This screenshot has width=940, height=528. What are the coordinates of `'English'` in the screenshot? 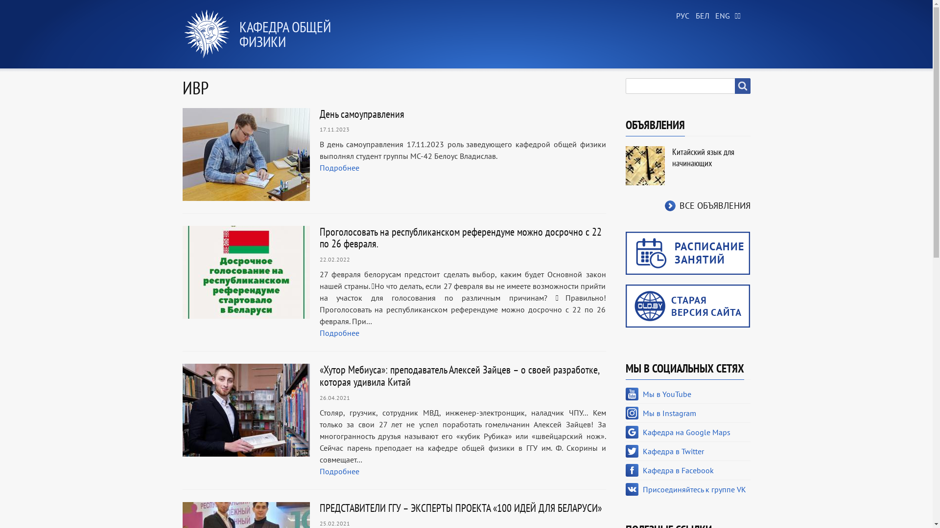 It's located at (710, 16).